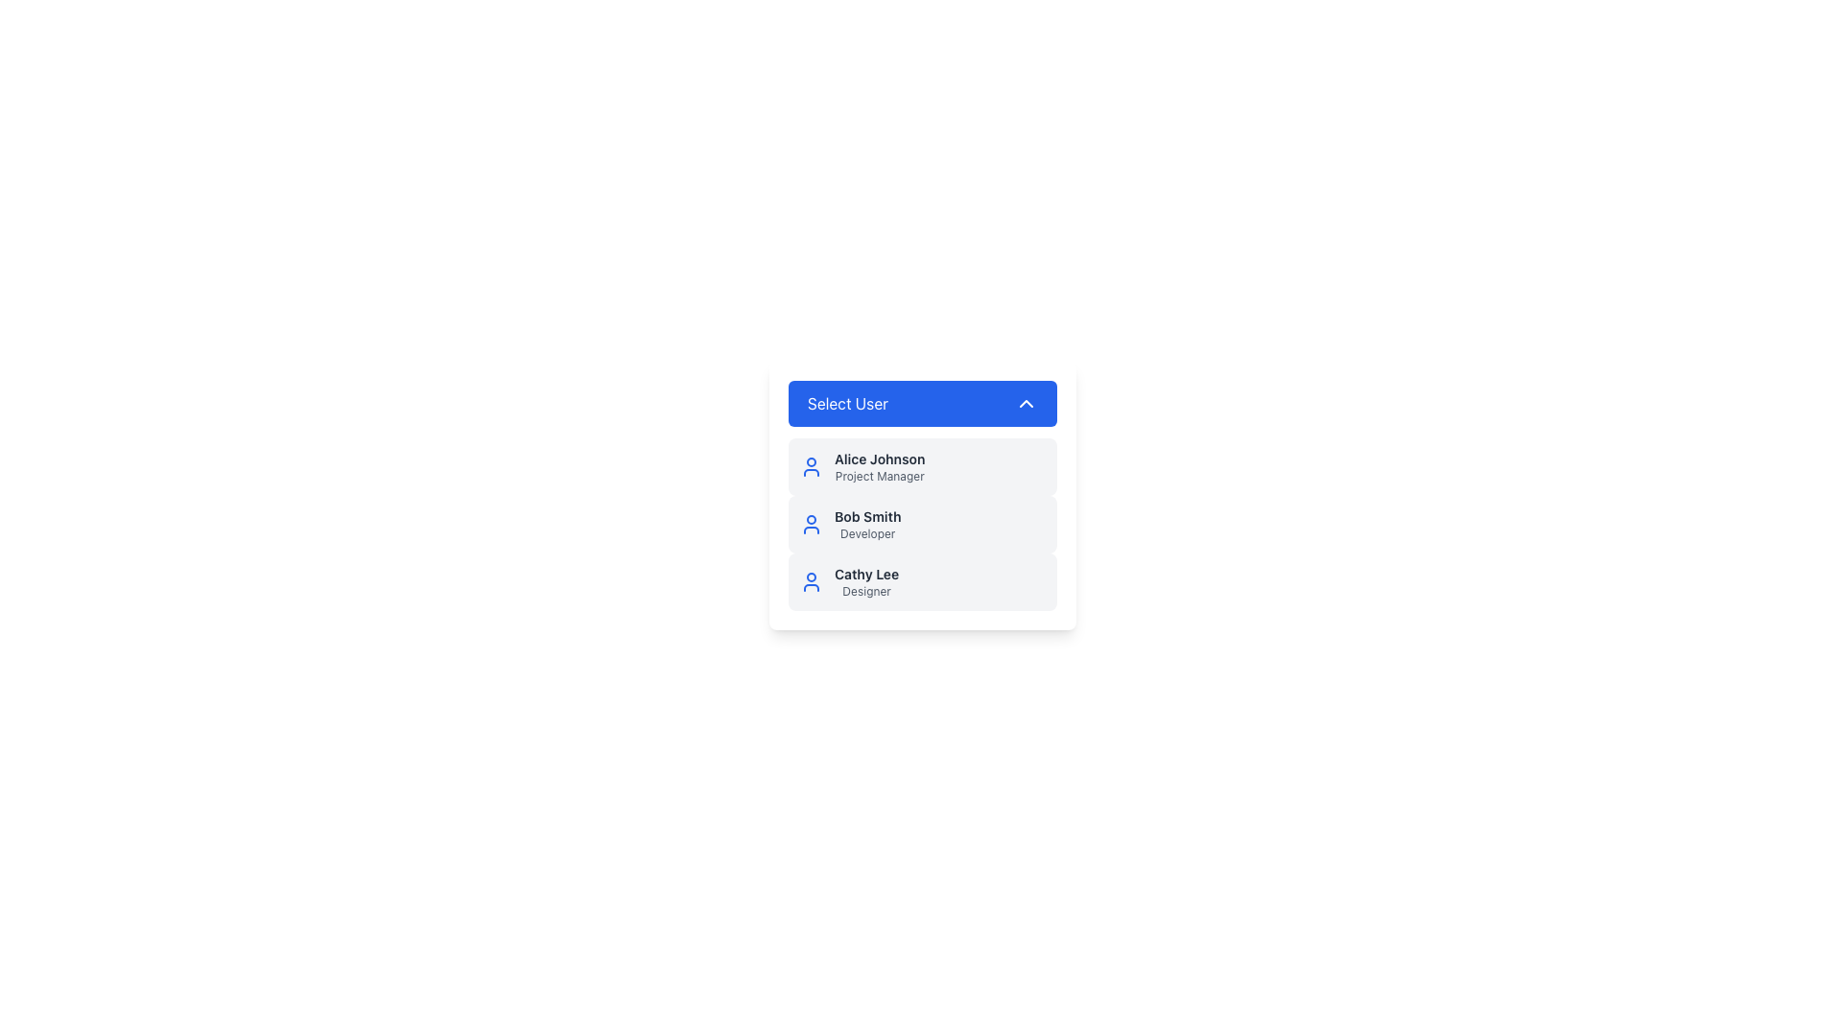  What do you see at coordinates (811, 580) in the screenshot?
I see `the SVG icon representing the user 'Cathy Lee', which is located to the left of the text 'Cathy Lee Designer'` at bounding box center [811, 580].